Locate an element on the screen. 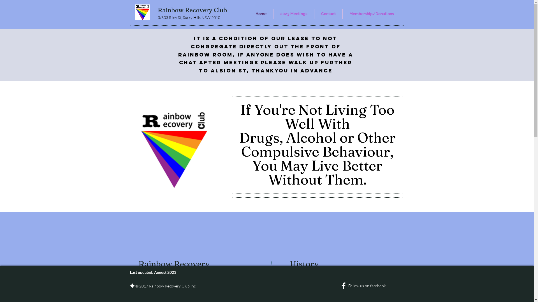  'Membership/Donations' is located at coordinates (371, 13).